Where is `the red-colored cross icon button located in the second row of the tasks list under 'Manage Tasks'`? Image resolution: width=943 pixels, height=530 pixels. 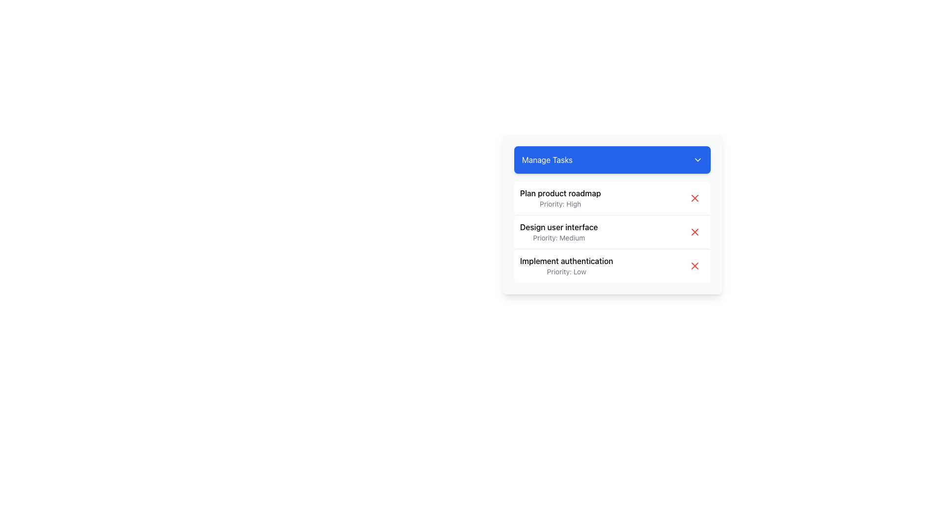 the red-colored cross icon button located in the second row of the tasks list under 'Manage Tasks' is located at coordinates (694, 232).